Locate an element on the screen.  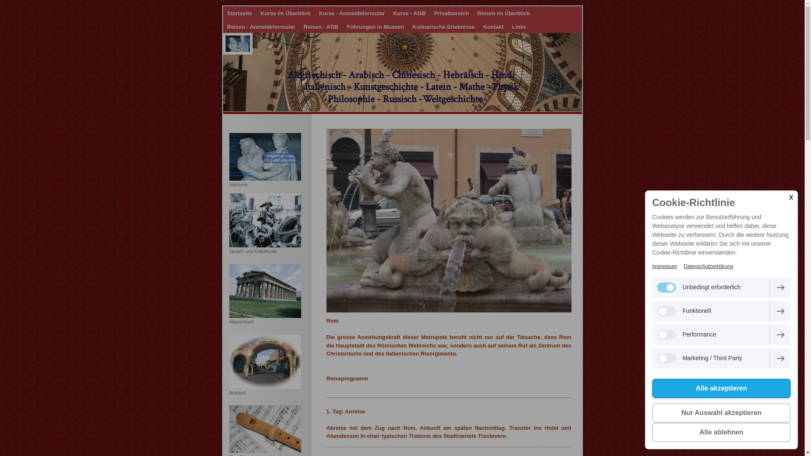
'Kontakt' is located at coordinates (479, 26).